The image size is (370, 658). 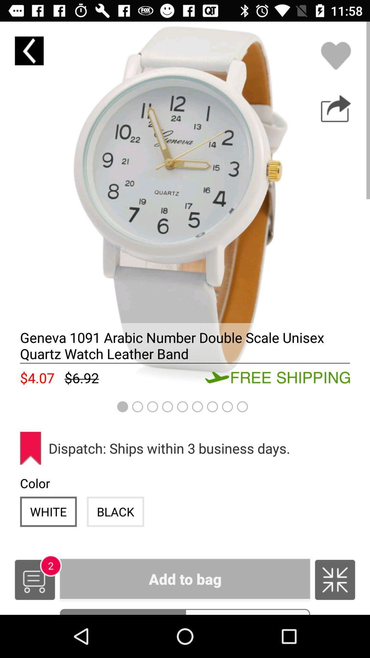 I want to click on item description, so click(x=185, y=206).